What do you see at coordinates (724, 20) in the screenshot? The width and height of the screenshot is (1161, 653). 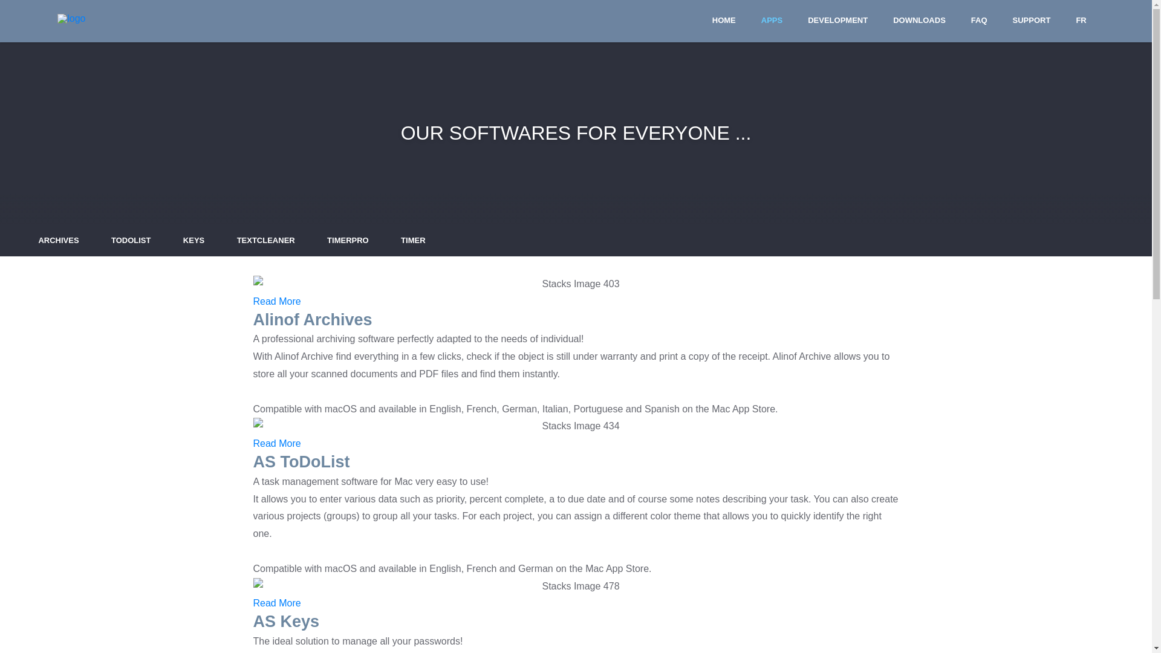 I see `'HOME'` at bounding box center [724, 20].